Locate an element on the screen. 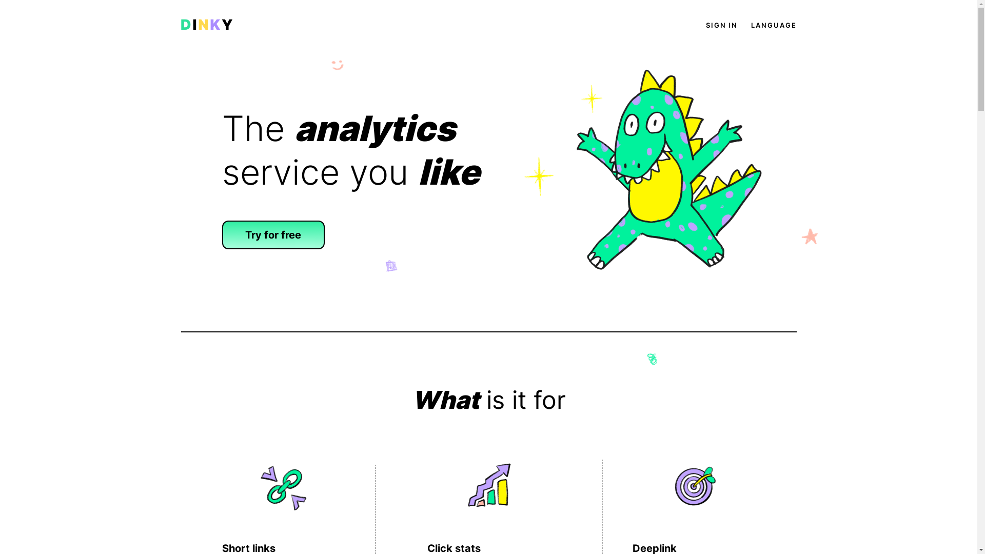  'Try for free' is located at coordinates (273, 235).